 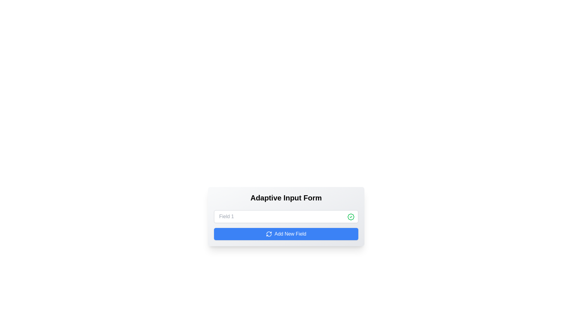 I want to click on the decorative graphic icon on the right side of the input field, which is styled with a green color and intricate patterns, so click(x=351, y=216).